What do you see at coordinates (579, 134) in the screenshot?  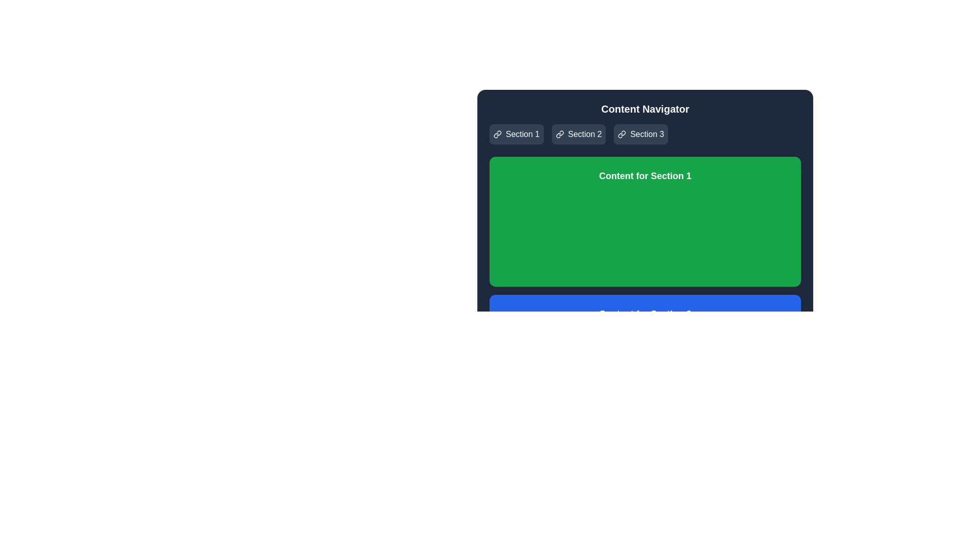 I see `the second tab in the content navigation area` at bounding box center [579, 134].